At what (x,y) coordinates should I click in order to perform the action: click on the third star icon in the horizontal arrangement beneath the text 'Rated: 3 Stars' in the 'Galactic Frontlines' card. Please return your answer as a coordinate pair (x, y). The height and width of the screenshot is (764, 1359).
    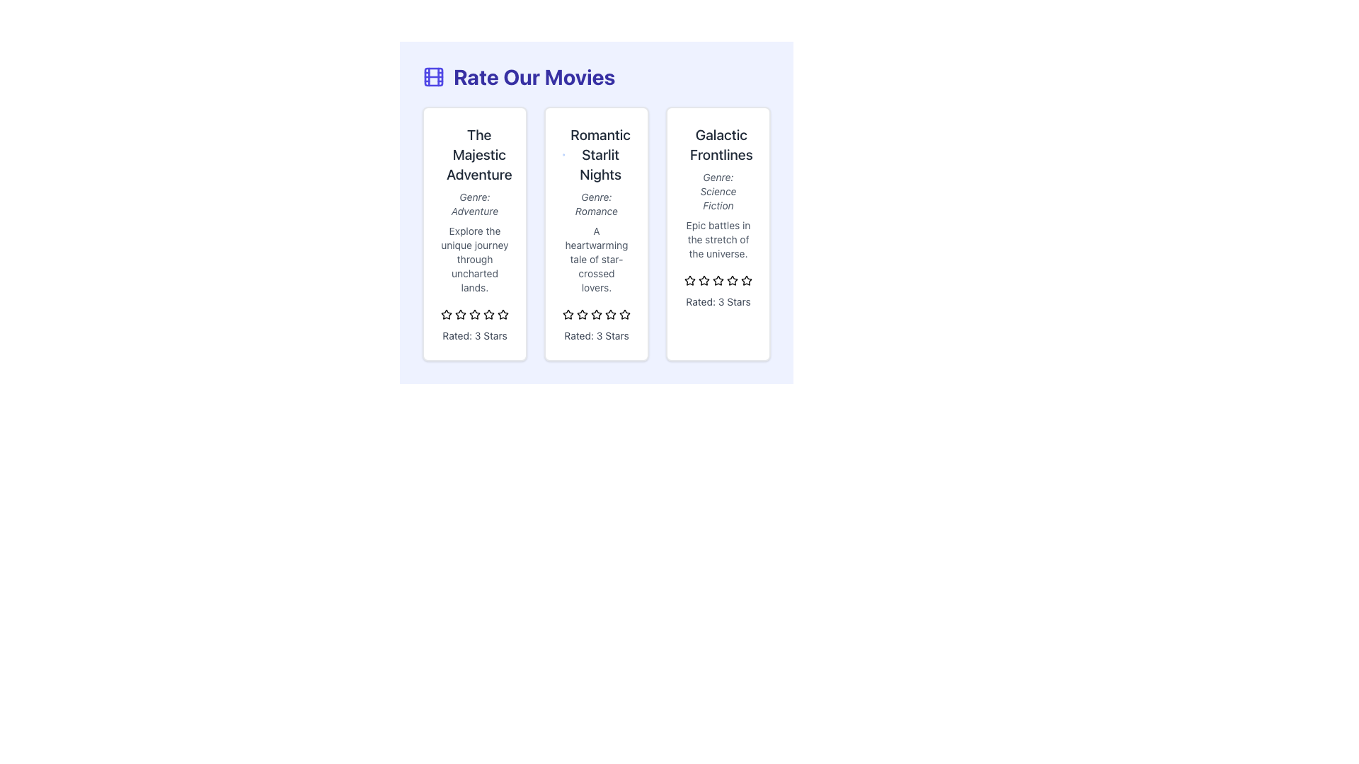
    Looking at the image, I should click on (733, 280).